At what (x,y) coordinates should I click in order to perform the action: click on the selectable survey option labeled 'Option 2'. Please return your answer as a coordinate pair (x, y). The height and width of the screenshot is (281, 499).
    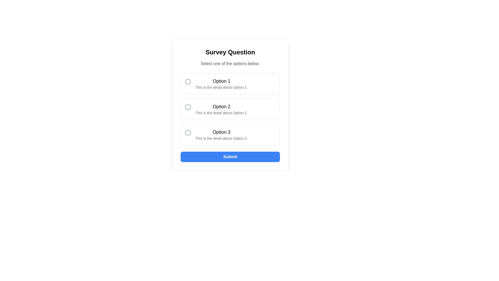
    Looking at the image, I should click on (230, 109).